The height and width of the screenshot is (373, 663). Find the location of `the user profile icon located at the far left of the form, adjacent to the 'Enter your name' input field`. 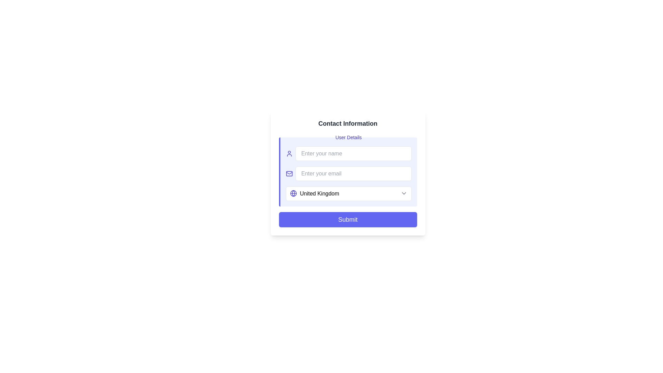

the user profile icon located at the far left of the form, adjacent to the 'Enter your name' input field is located at coordinates (289, 153).